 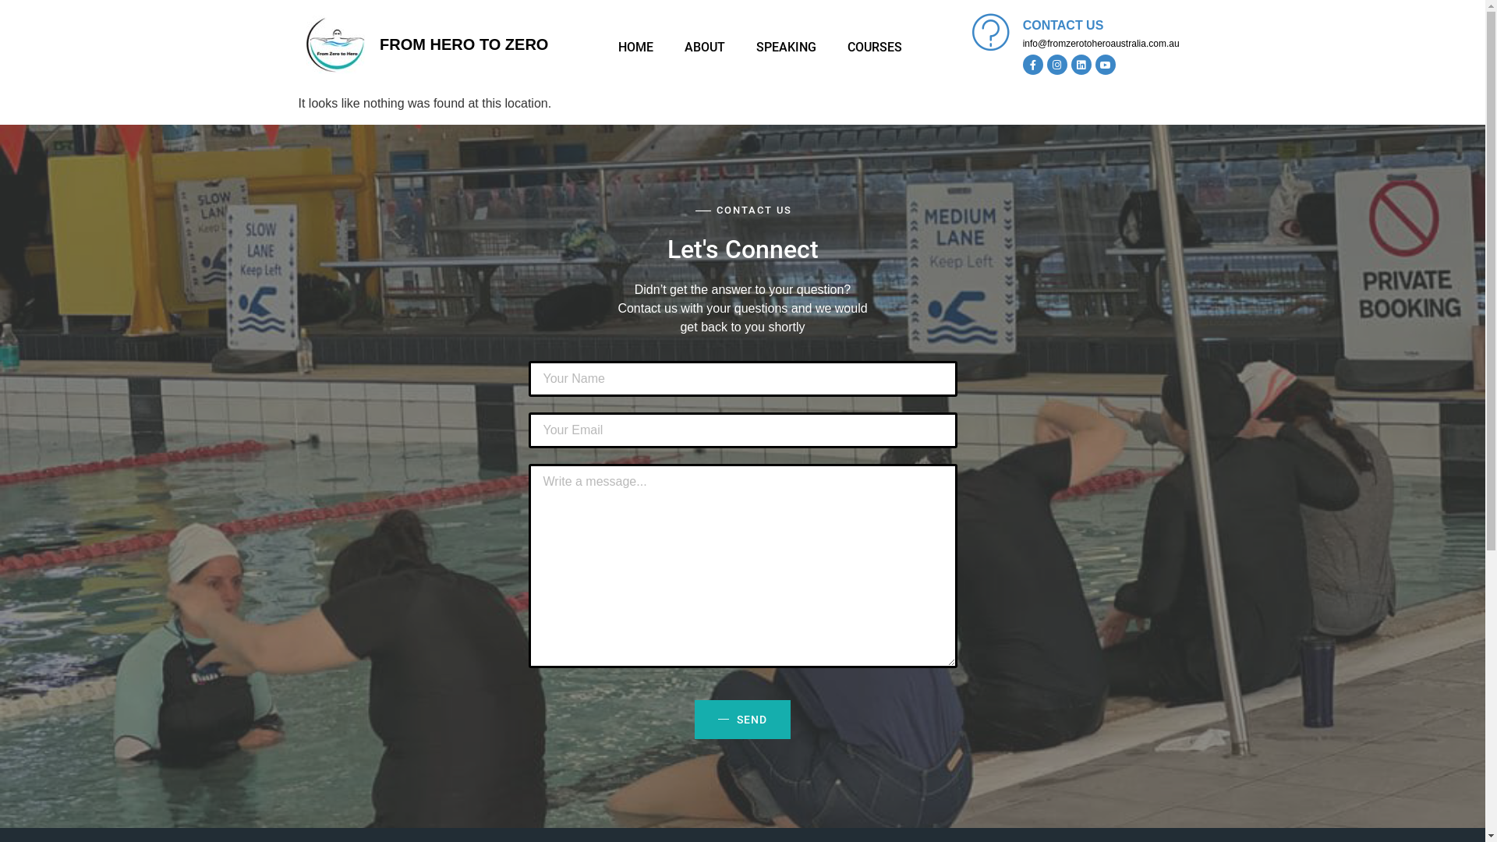 I want to click on 'CONTACT US', so click(x=1062, y=25).